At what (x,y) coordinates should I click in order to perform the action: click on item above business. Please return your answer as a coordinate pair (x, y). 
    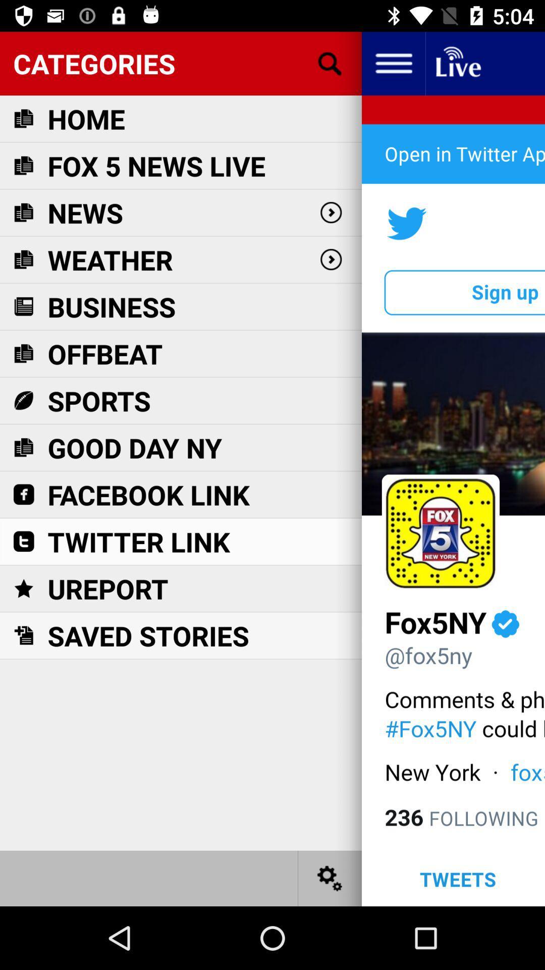
    Looking at the image, I should click on (110, 260).